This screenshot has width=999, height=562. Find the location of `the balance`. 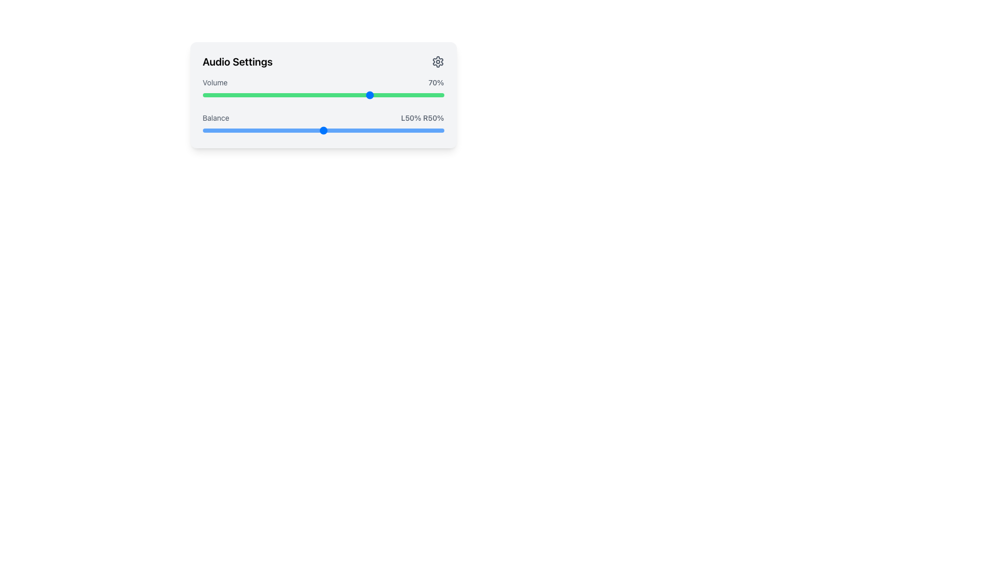

the balance is located at coordinates (236, 130).